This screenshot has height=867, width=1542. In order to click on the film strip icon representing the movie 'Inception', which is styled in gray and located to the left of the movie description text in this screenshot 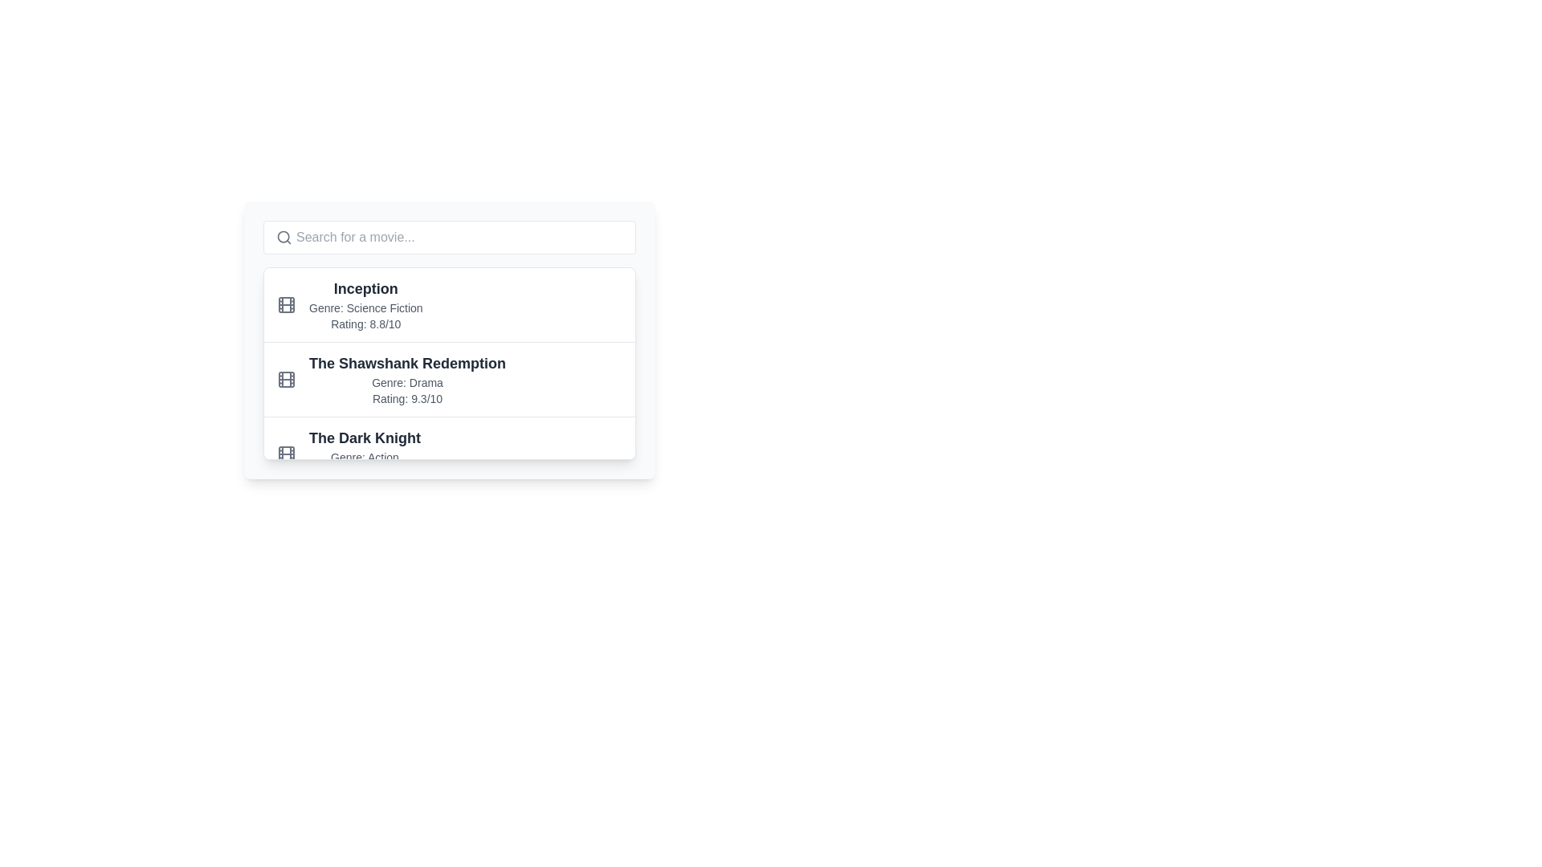, I will do `click(286, 305)`.